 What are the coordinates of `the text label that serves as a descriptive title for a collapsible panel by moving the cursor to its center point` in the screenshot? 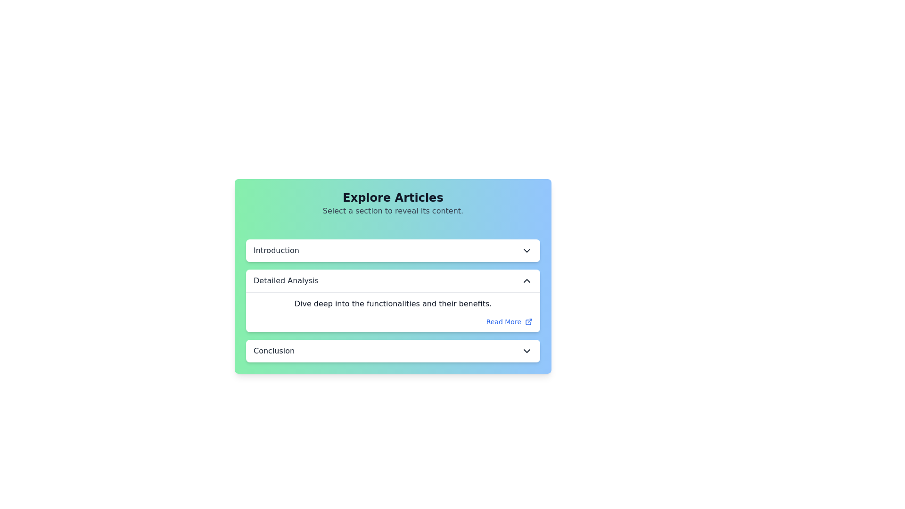 It's located at (276, 250).